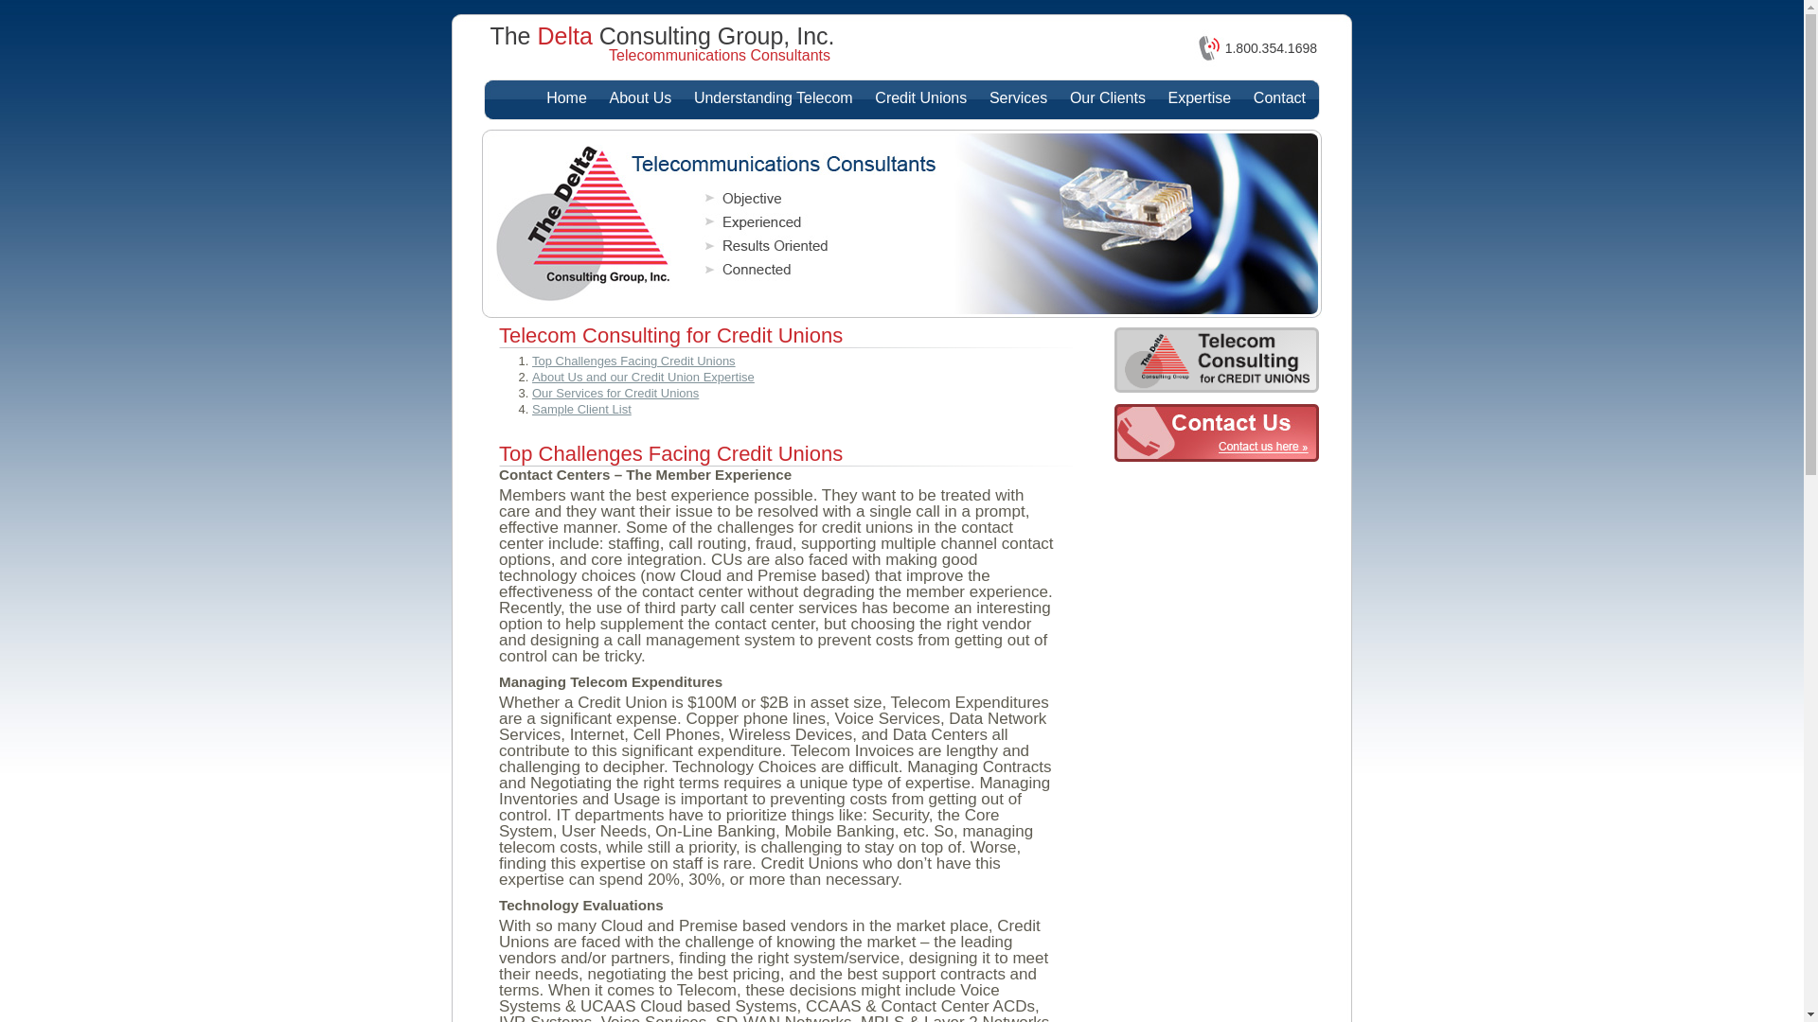  Describe the element at coordinates (920, 97) in the screenshot. I see `'Credit Unions'` at that location.